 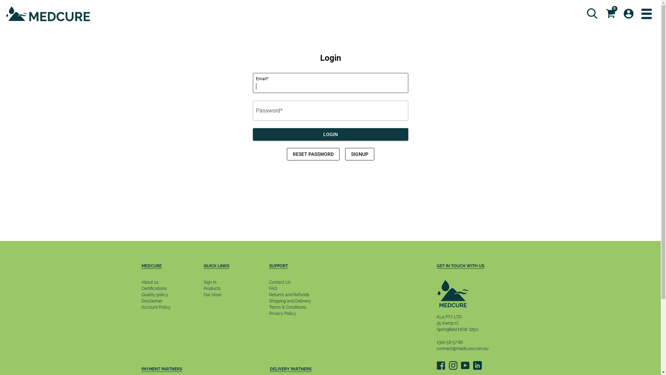 What do you see at coordinates (462, 348) in the screenshot?
I see `'connect@medcure.com.au'` at bounding box center [462, 348].